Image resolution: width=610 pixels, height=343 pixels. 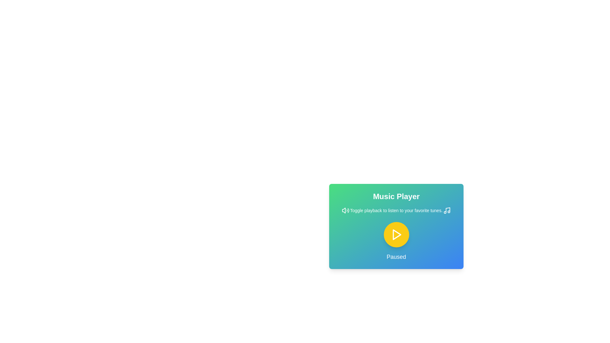 What do you see at coordinates (396, 226) in the screenshot?
I see `the central yellow circular play button with a white play icon in the music player UI module` at bounding box center [396, 226].